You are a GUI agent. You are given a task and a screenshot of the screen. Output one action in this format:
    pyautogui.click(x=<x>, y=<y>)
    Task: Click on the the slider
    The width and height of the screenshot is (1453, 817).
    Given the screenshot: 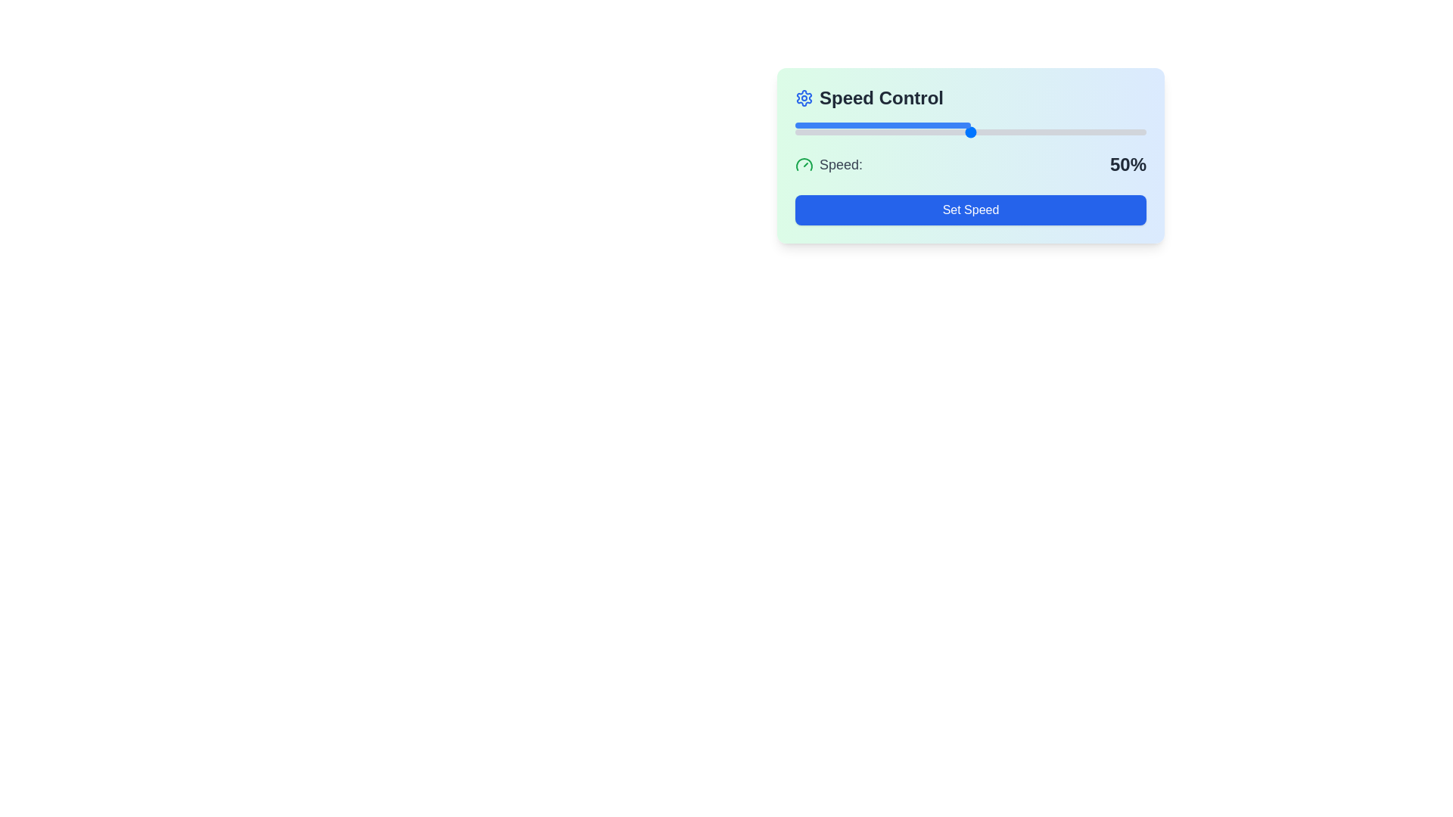 What is the action you would take?
    pyautogui.click(x=1057, y=131)
    